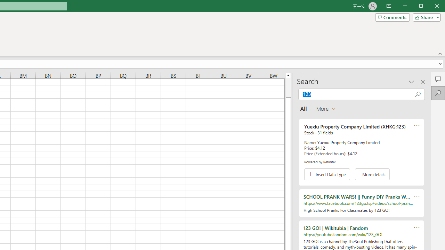 The image size is (445, 250). I want to click on 'Maximize', so click(430, 7).